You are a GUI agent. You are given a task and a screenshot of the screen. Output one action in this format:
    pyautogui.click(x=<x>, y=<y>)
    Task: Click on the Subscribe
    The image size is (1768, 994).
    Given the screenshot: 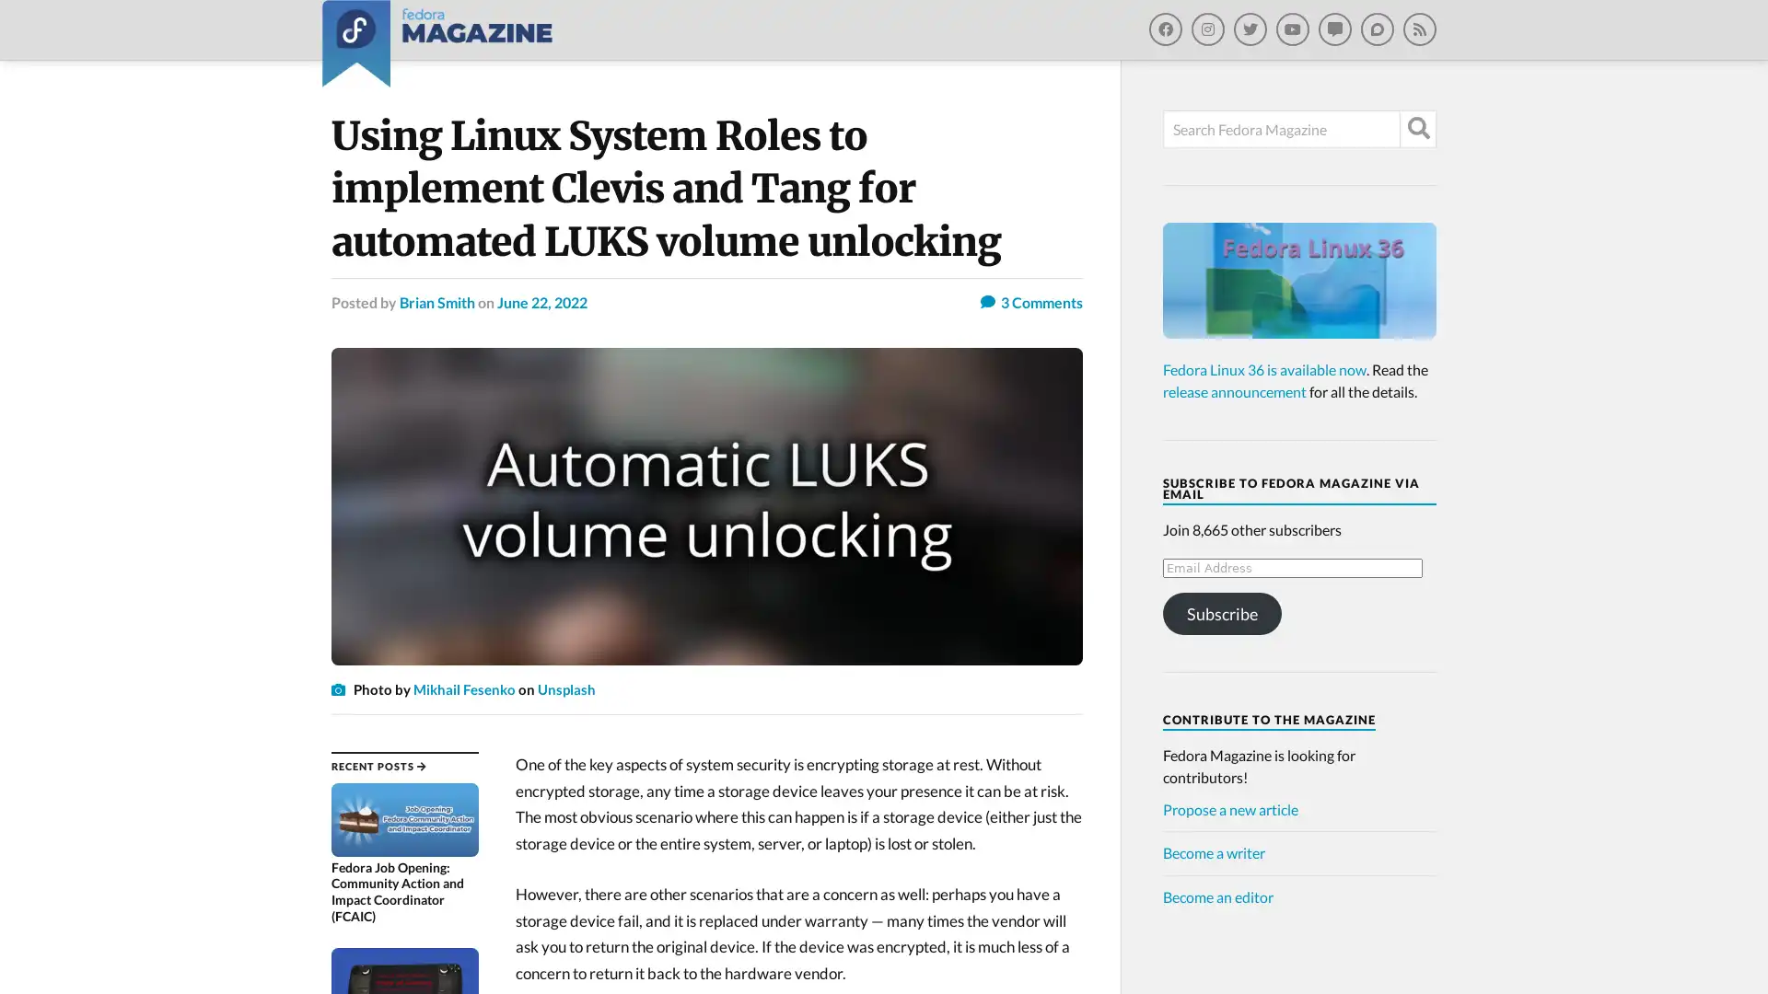 What is the action you would take?
    pyautogui.click(x=1221, y=614)
    